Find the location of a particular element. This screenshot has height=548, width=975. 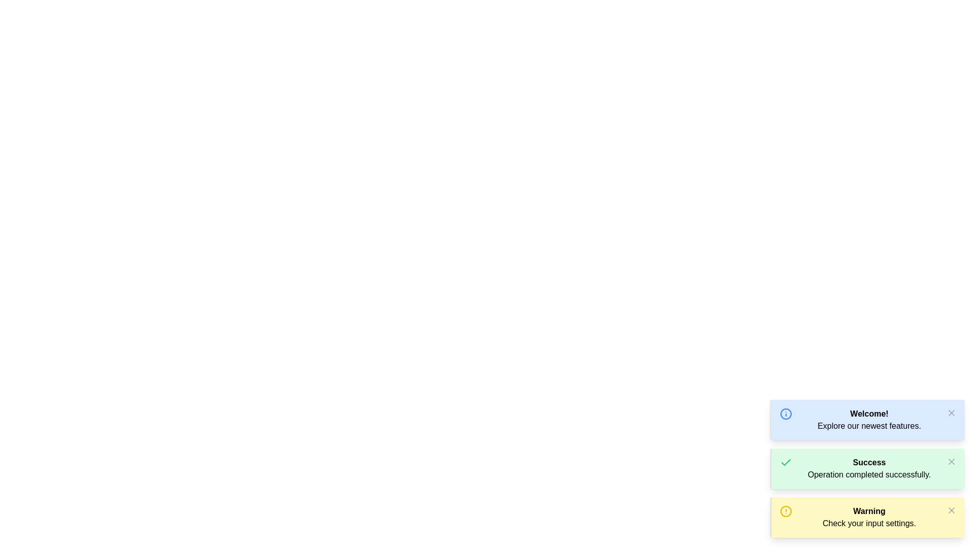

the close button located at the top-right corner of the 'Welcome!' notification box to change its color is located at coordinates (951, 413).